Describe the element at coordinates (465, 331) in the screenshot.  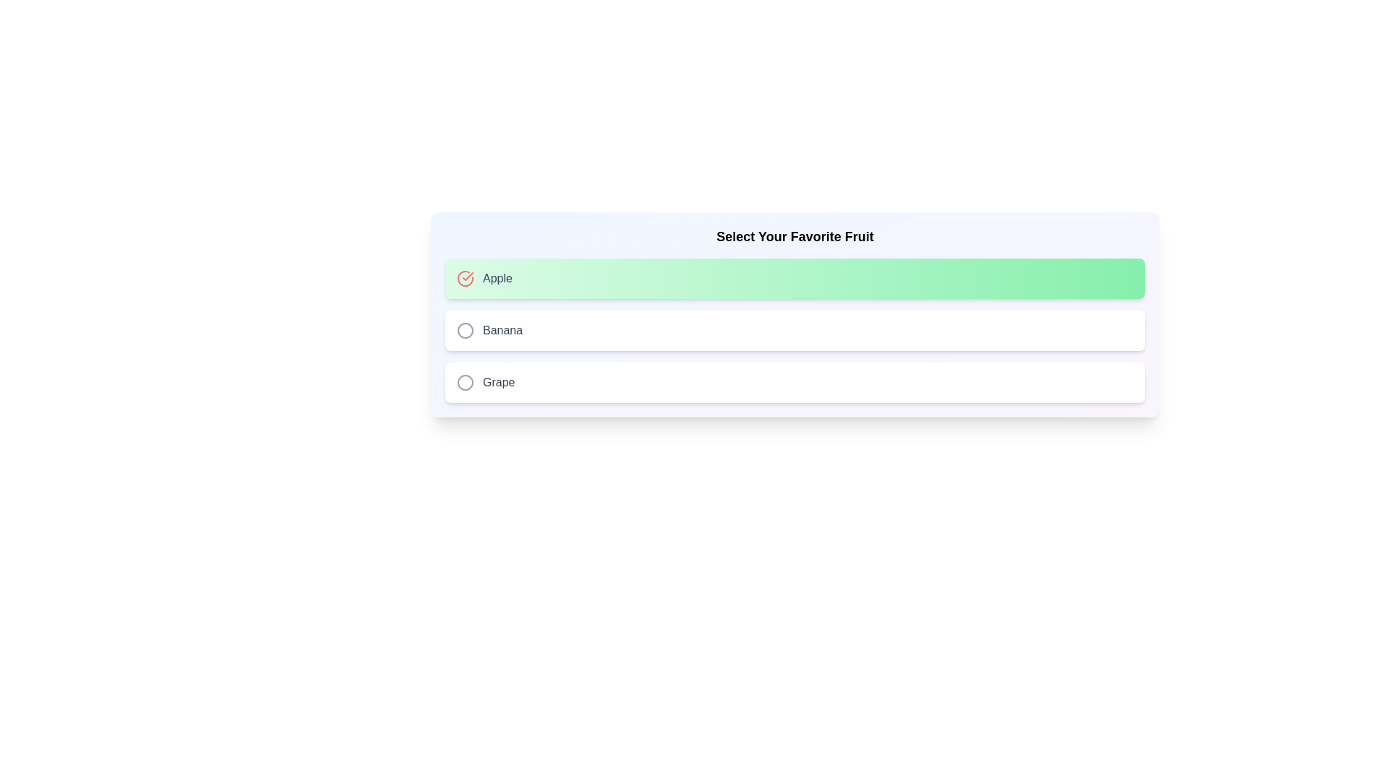
I see `the circular, hollow icon with a thin outline located within the card labeled 'Banana', which is the second card in the fruit options list` at that location.